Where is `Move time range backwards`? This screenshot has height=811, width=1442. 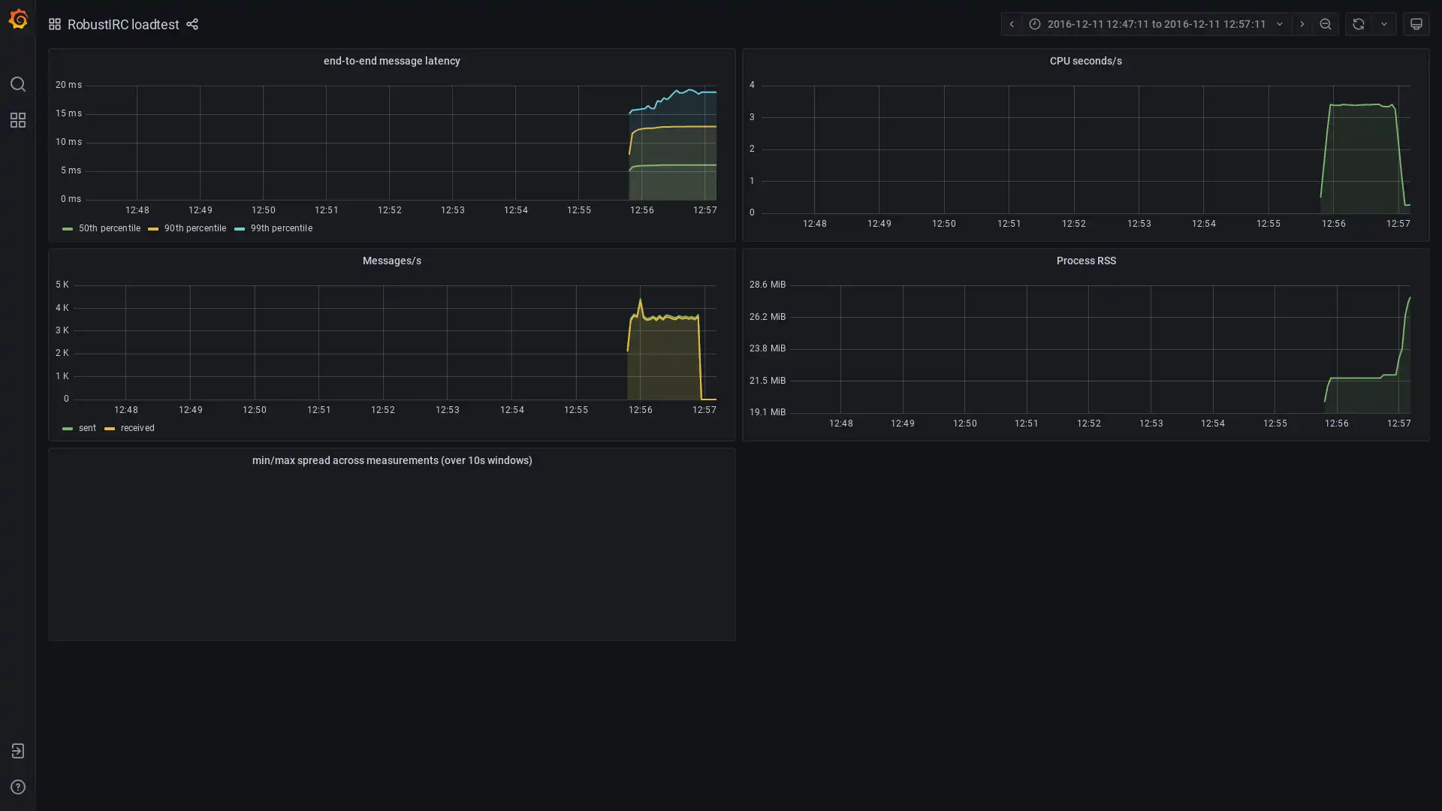
Move time range backwards is located at coordinates (1010, 23).